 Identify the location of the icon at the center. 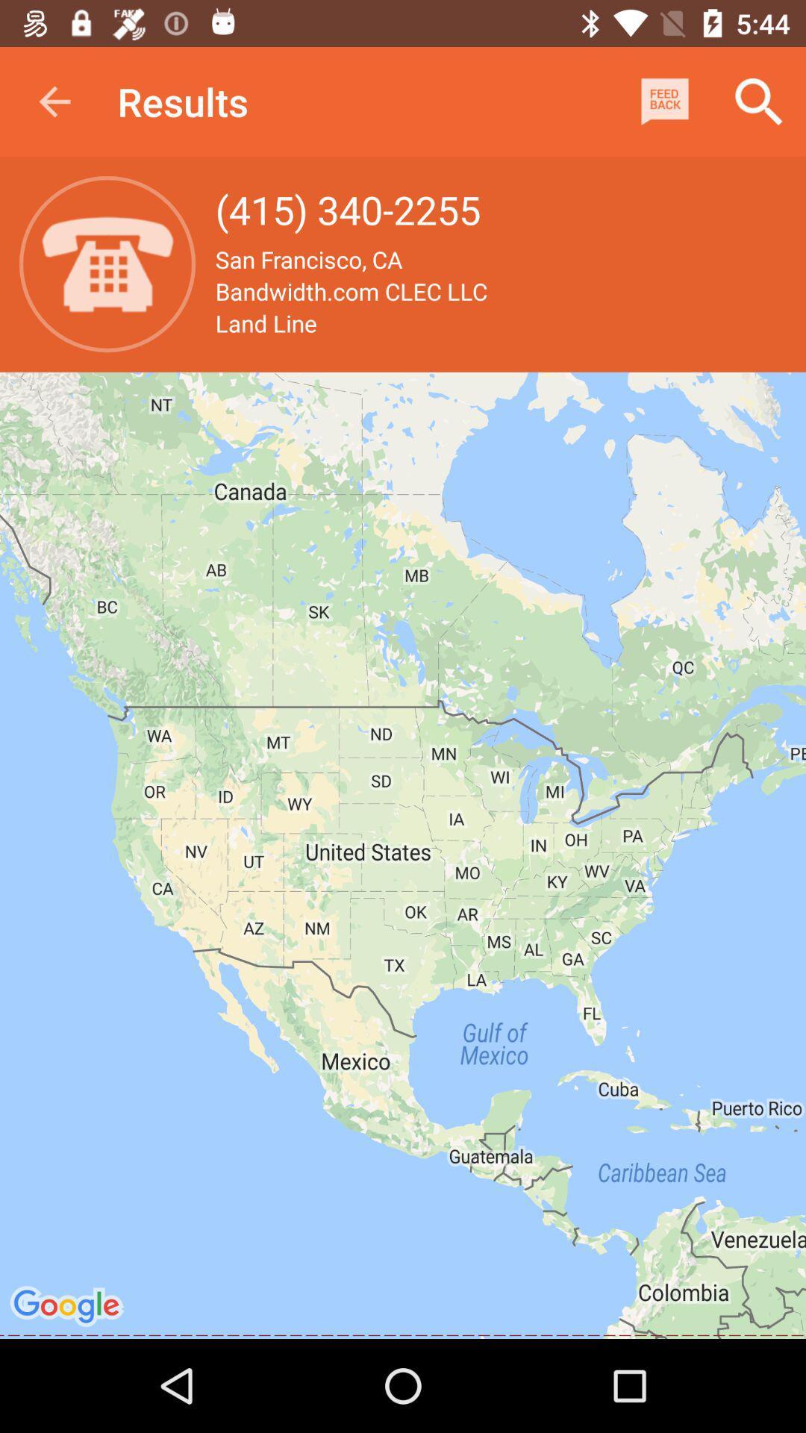
(403, 855).